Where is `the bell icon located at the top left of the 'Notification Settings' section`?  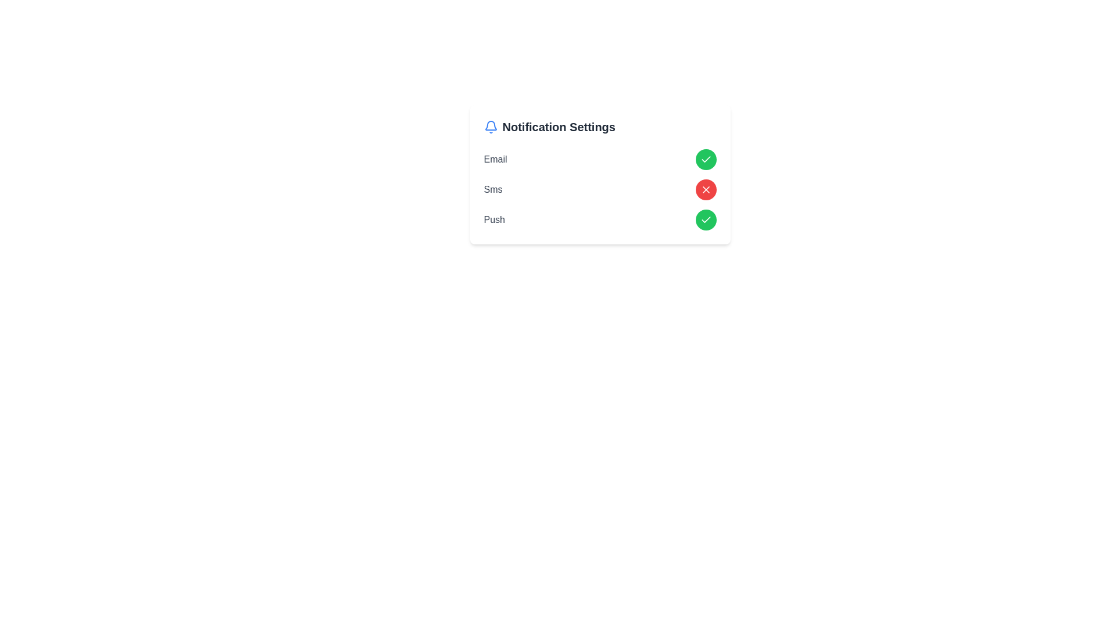
the bell icon located at the top left of the 'Notification Settings' section is located at coordinates (491, 127).